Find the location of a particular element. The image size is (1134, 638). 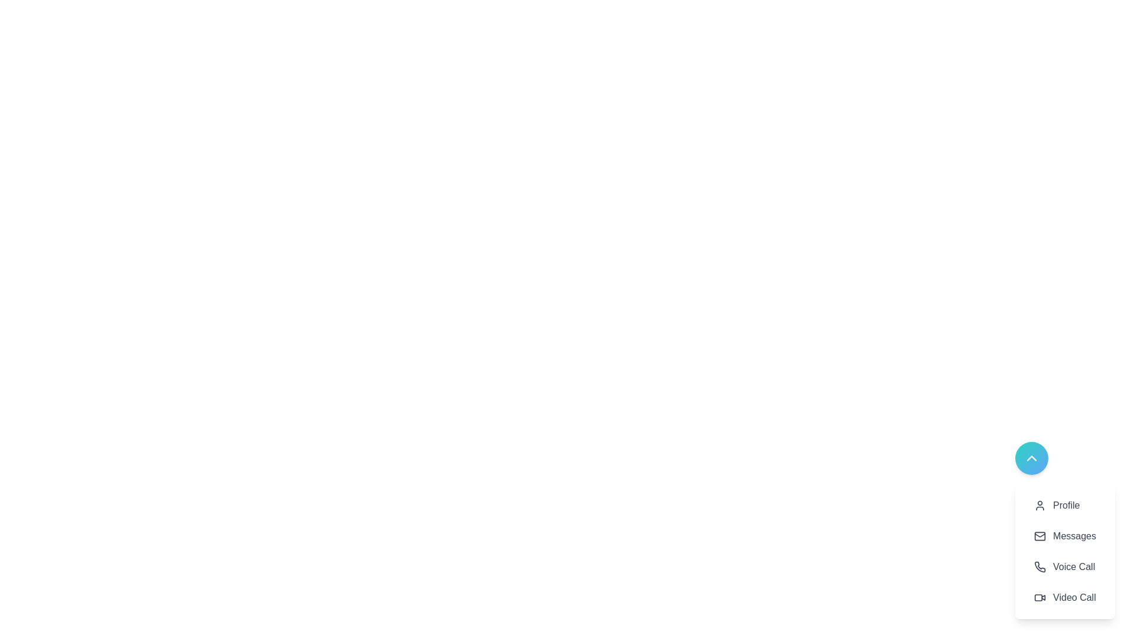

the 'Voice Call' option in the action list is located at coordinates (1065, 567).